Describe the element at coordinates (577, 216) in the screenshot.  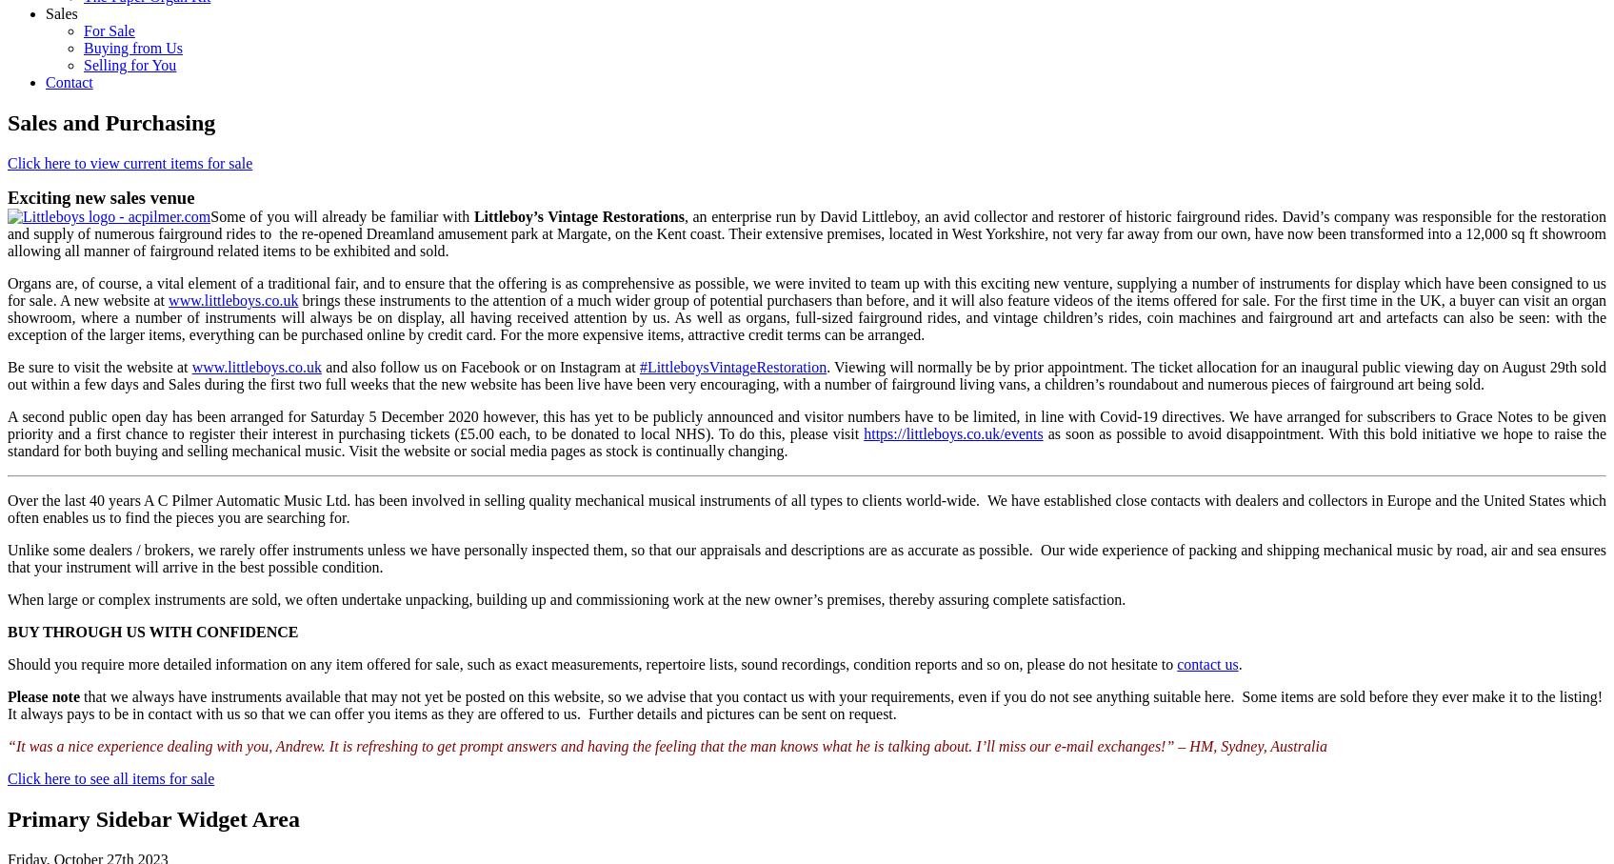
I see `'Littleboy’s Vintage Restorations'` at that location.